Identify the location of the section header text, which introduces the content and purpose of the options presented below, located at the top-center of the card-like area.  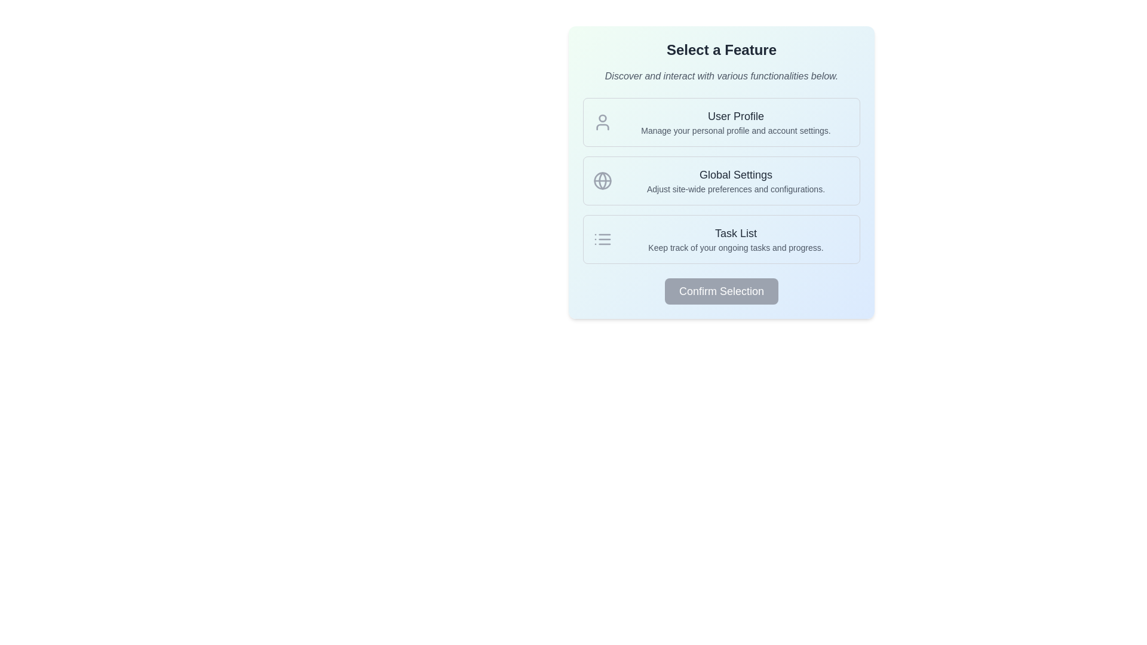
(721, 50).